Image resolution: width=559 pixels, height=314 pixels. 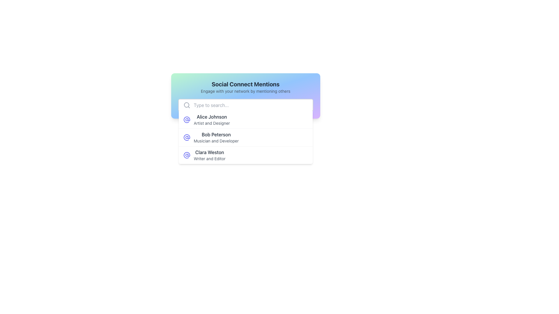 I want to click on the second list item under 'Social Connect Mentions', so click(x=245, y=138).